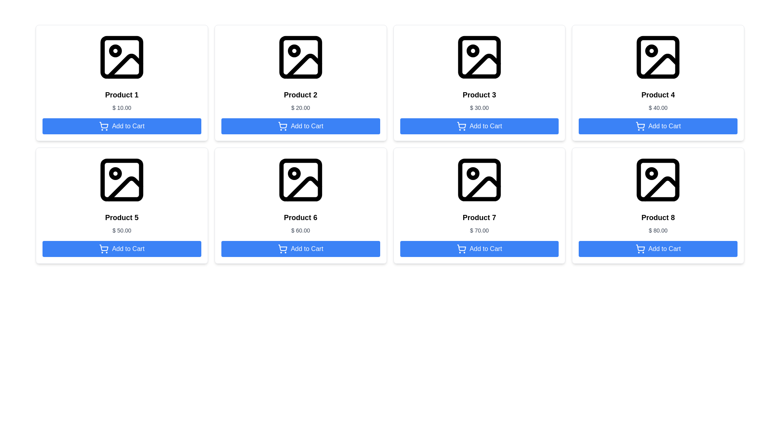  Describe the element at coordinates (300, 126) in the screenshot. I see `the button to add 'Product 2' to the shopping cart, located at the bottom section of the card, between the product price and the card's bottom border` at that location.